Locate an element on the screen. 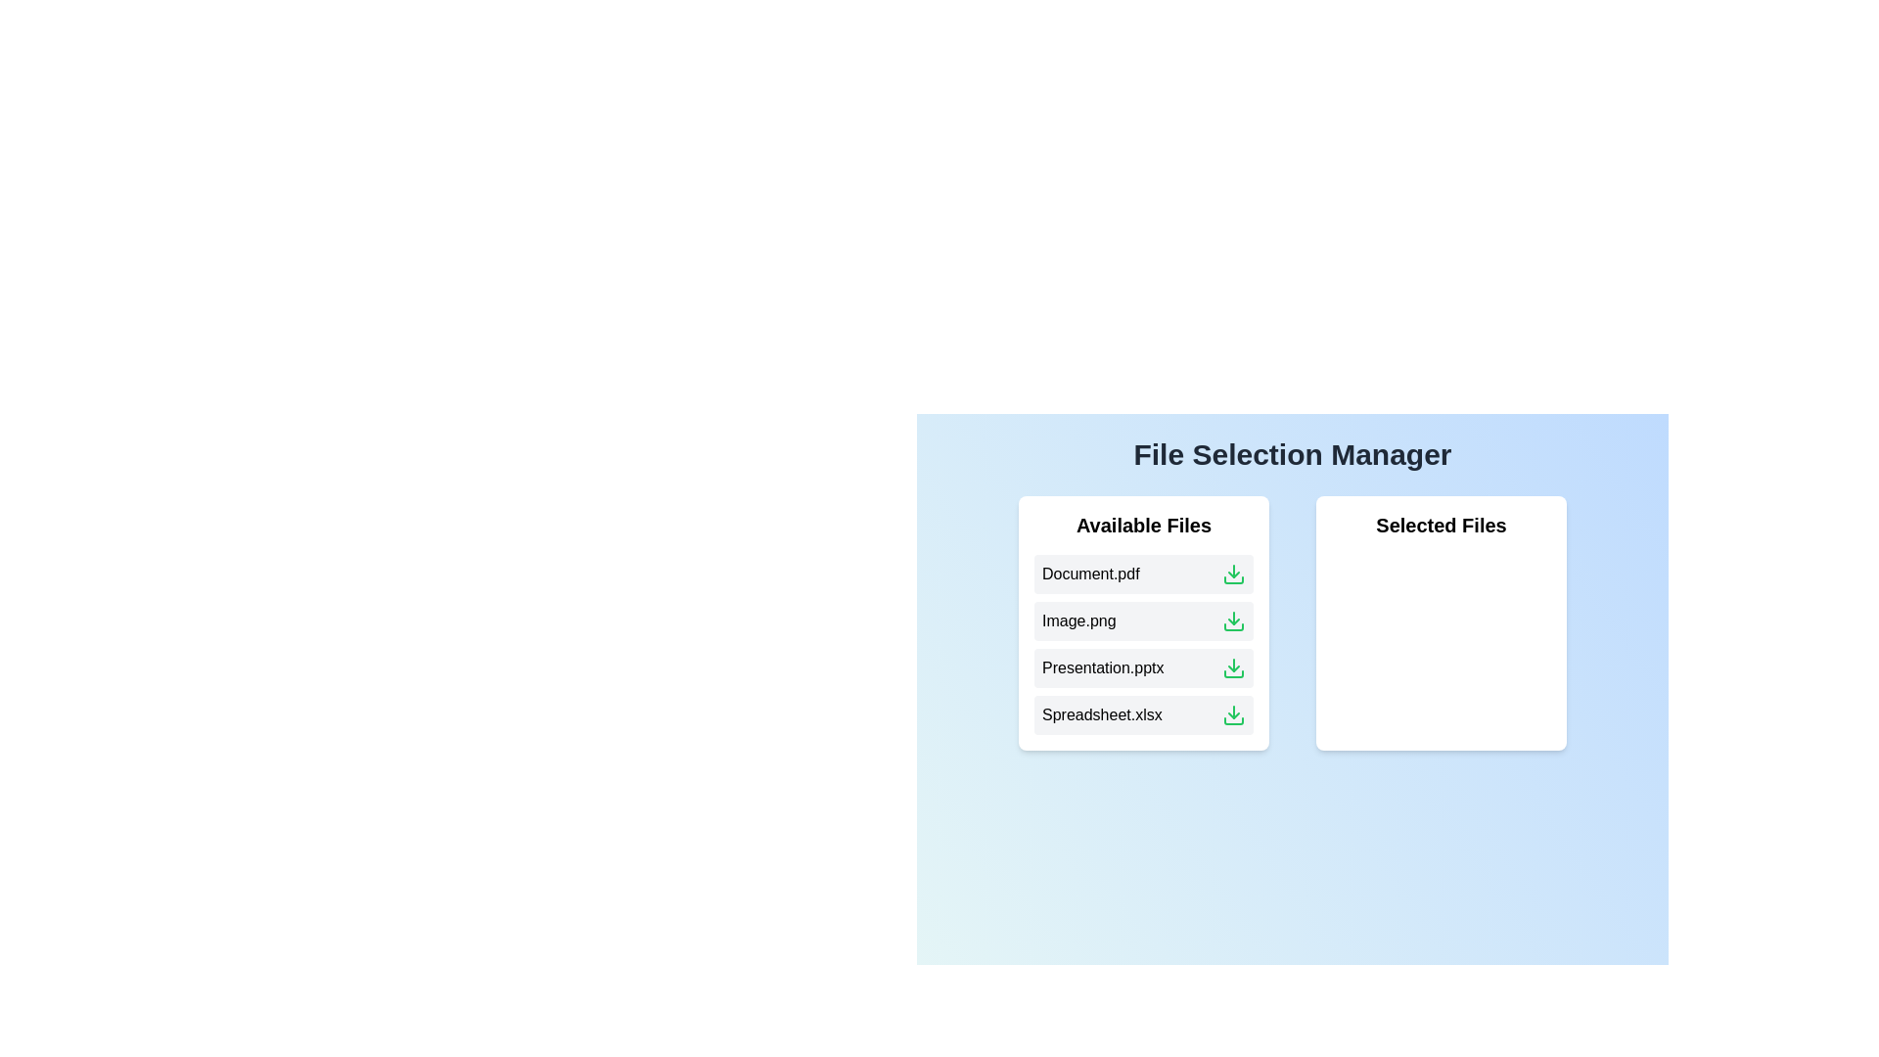 This screenshot has height=1057, width=1879. the download icon next to the file 'Document.pdf' in the 'Available Files' list is located at coordinates (1233, 573).